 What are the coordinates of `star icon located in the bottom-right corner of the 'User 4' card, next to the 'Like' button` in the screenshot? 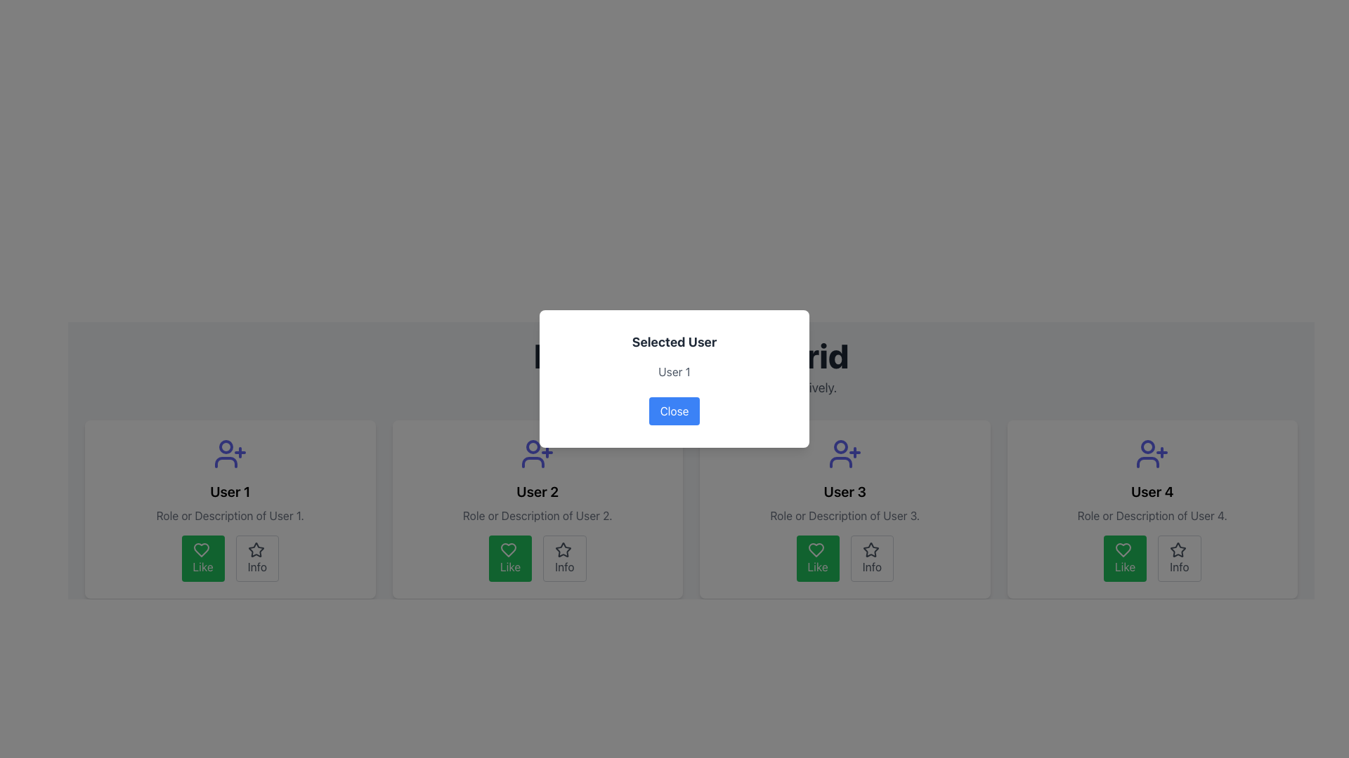 It's located at (1178, 549).